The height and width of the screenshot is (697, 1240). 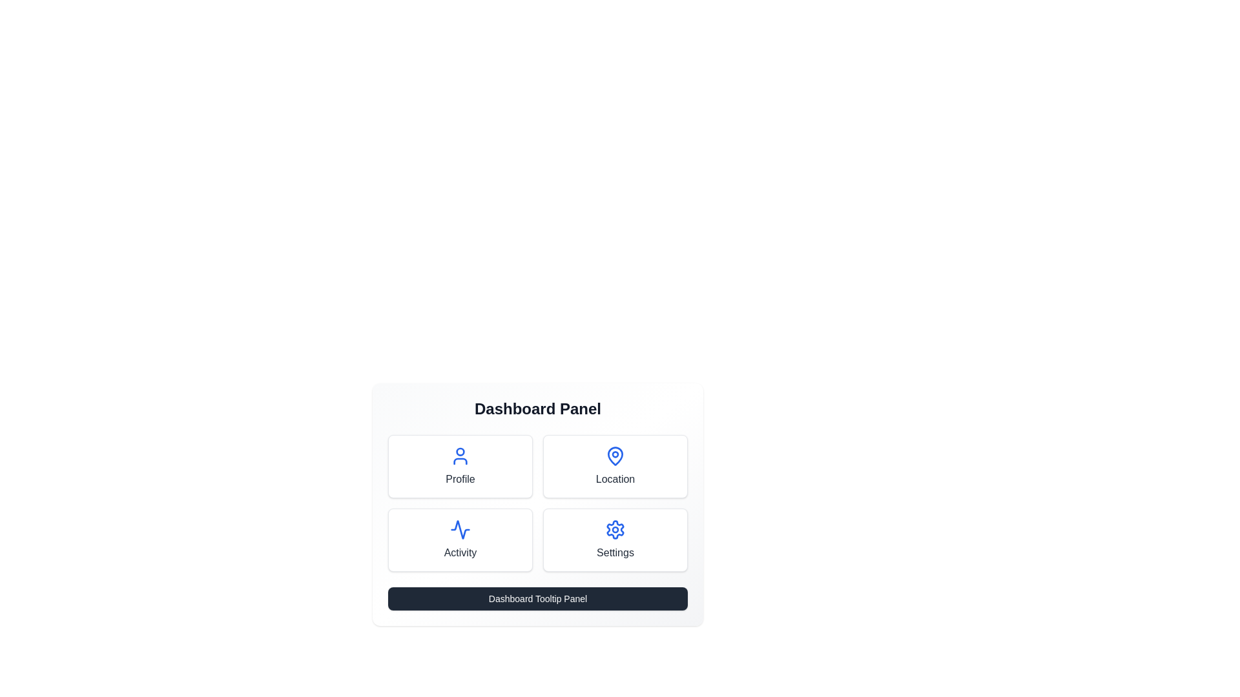 I want to click on the text label displaying 'Dashboard Panel', which is styled in bold font and positioned at the top center of the panel, so click(x=538, y=409).